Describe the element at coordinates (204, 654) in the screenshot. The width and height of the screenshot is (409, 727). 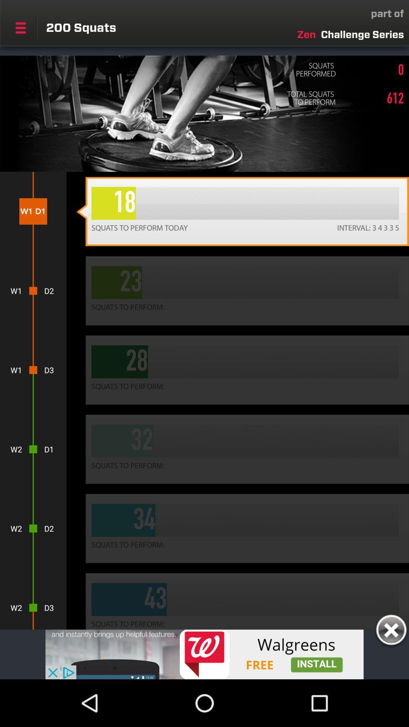
I see `open advertisement` at that location.